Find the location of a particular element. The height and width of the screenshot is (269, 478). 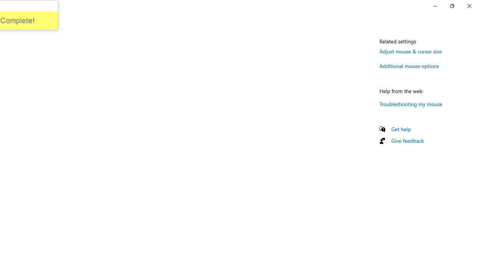

'Troubleshooting my mouse' is located at coordinates (410, 104).